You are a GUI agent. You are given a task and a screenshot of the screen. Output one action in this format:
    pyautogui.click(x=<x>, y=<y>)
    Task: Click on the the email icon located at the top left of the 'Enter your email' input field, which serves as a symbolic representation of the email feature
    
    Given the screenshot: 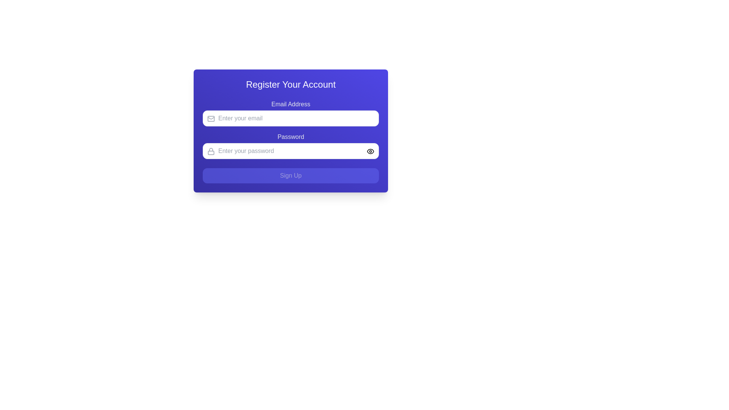 What is the action you would take?
    pyautogui.click(x=211, y=118)
    